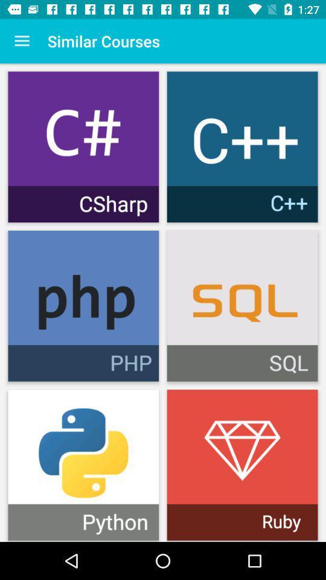 This screenshot has height=580, width=326. What do you see at coordinates (22, 41) in the screenshot?
I see `icon next to similar courses` at bounding box center [22, 41].